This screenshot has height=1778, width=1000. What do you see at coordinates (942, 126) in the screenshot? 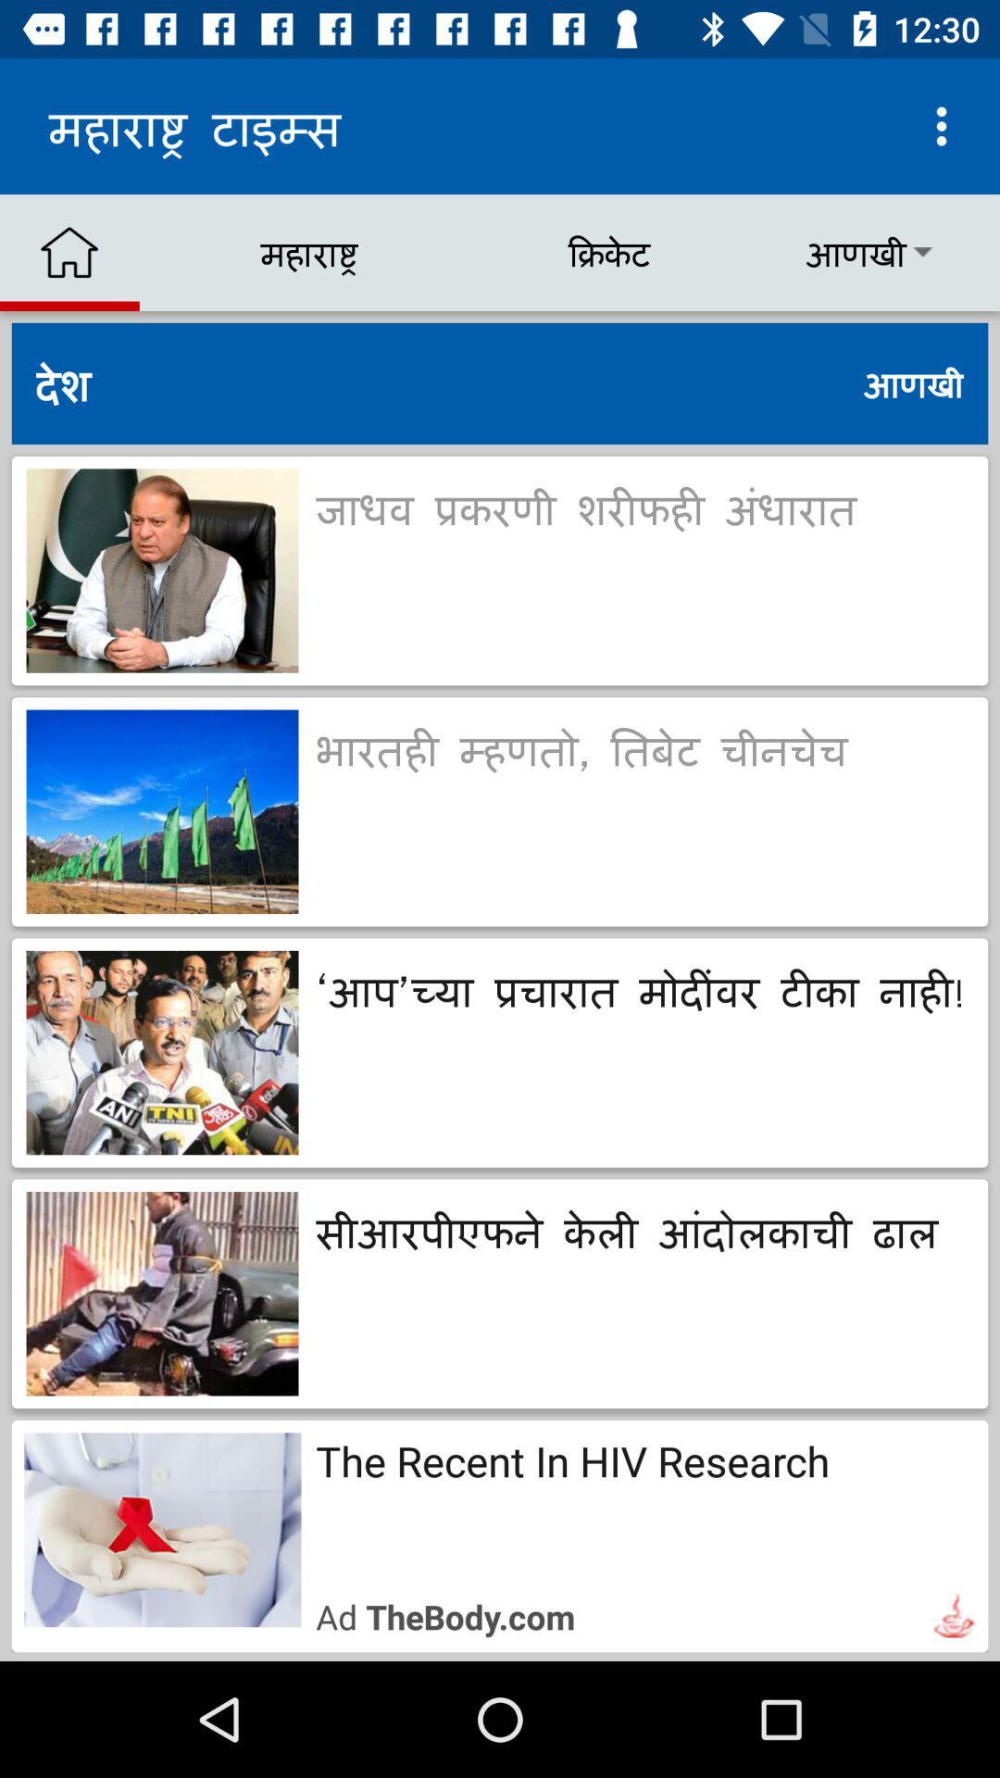
I see `the button which is on top right` at bounding box center [942, 126].